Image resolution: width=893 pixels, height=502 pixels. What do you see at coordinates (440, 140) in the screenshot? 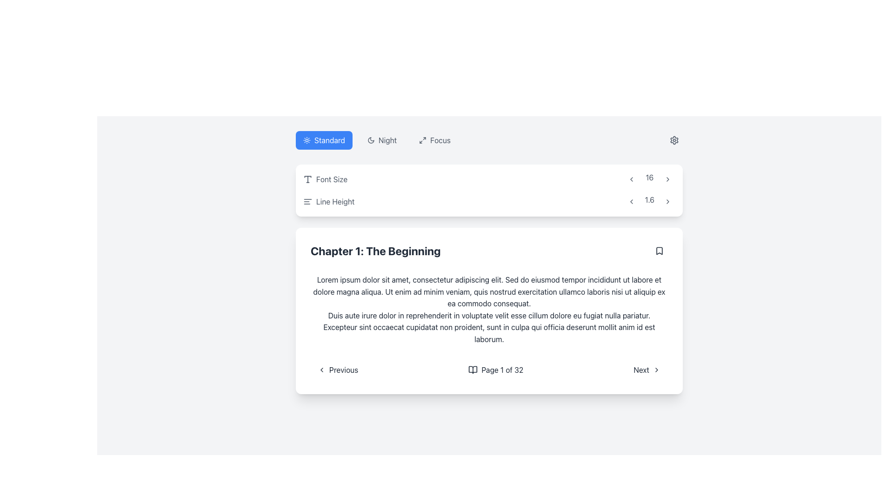
I see `the 'Focus' text label, which is styled in a clean, sans-serif font and appears dark gray on a light gray background, located near the upper-right corner of the interface` at bounding box center [440, 140].